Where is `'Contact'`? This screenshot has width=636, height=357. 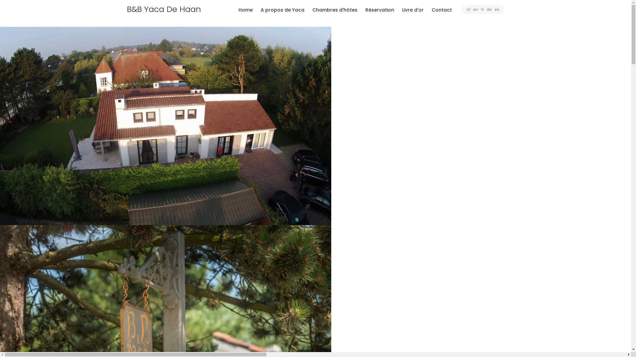 'Contact' is located at coordinates (428, 10).